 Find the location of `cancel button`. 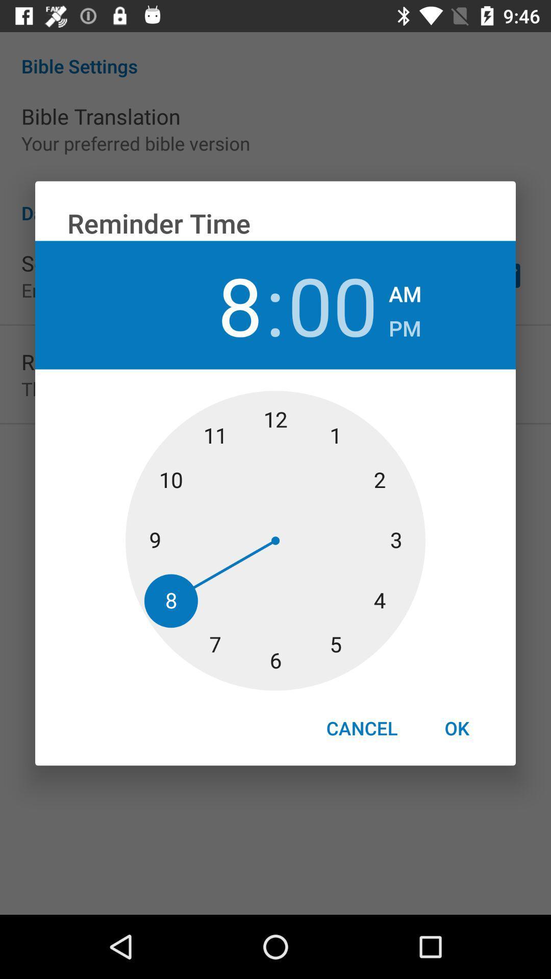

cancel button is located at coordinates (361, 728).